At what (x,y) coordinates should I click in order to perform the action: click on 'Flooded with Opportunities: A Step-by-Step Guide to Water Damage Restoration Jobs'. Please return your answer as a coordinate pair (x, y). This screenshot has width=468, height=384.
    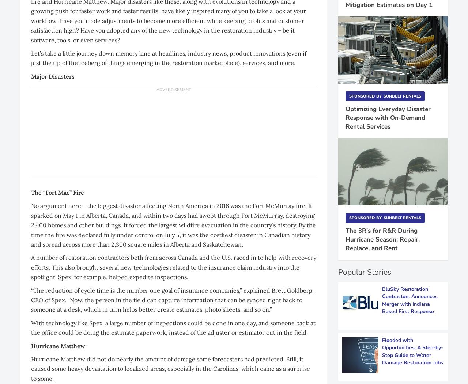
    Looking at the image, I should click on (412, 351).